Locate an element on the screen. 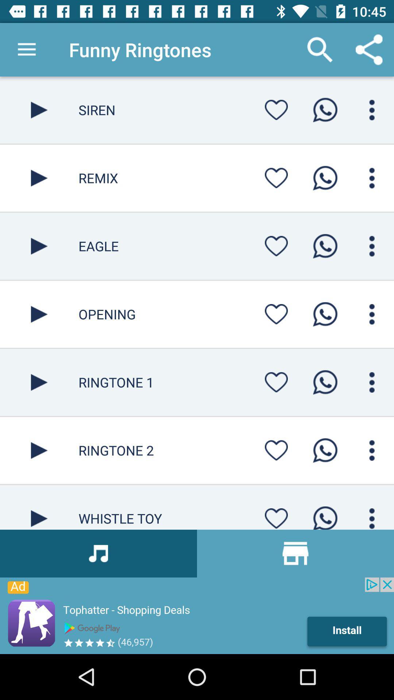  call button is located at coordinates (325, 515).